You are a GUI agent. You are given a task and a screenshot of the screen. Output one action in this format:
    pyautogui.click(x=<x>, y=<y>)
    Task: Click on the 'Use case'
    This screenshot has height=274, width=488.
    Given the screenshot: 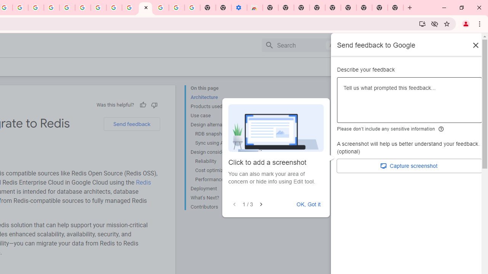 What is the action you would take?
    pyautogui.click(x=221, y=116)
    